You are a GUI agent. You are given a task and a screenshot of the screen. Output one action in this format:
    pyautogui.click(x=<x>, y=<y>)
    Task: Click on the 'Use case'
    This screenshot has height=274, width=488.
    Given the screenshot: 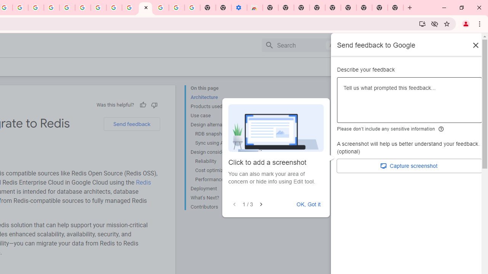 What is the action you would take?
    pyautogui.click(x=221, y=116)
    